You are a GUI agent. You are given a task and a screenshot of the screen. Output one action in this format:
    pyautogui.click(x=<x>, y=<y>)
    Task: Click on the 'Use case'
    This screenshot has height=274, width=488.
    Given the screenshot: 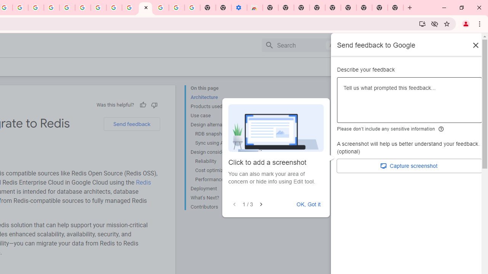 What is the action you would take?
    pyautogui.click(x=221, y=116)
    